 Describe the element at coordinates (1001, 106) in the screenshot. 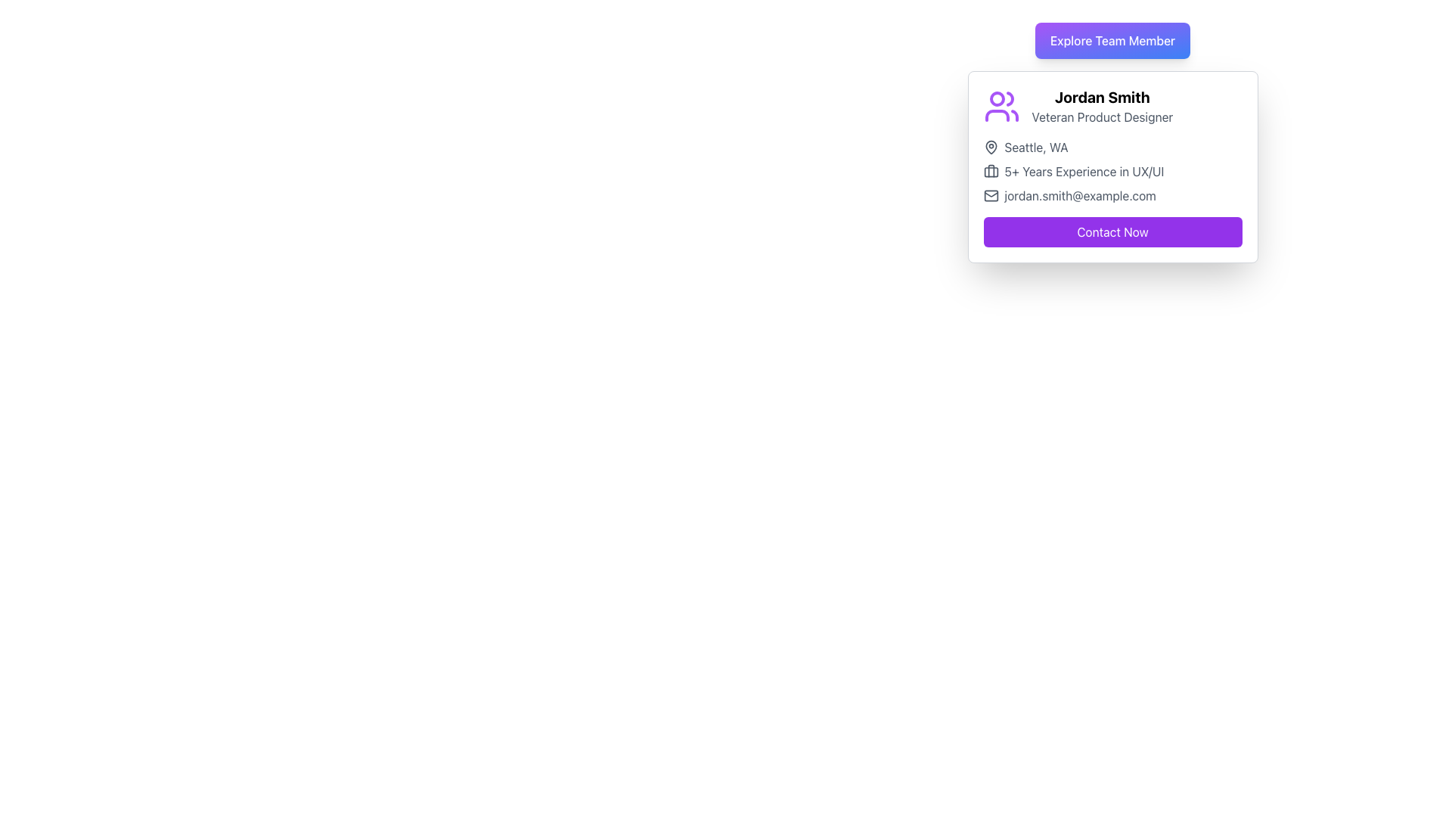

I see `the icon representing a group of users, which is outlined in purple and located in the top-left corner of the card detailing Jordan Smith` at that location.